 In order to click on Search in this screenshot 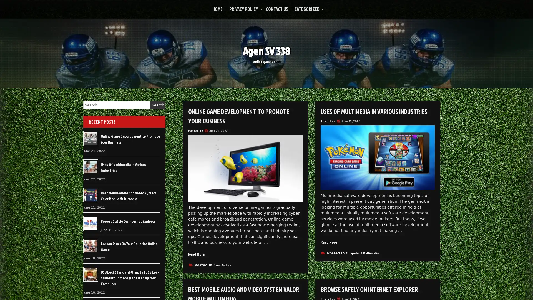, I will do `click(158, 105)`.